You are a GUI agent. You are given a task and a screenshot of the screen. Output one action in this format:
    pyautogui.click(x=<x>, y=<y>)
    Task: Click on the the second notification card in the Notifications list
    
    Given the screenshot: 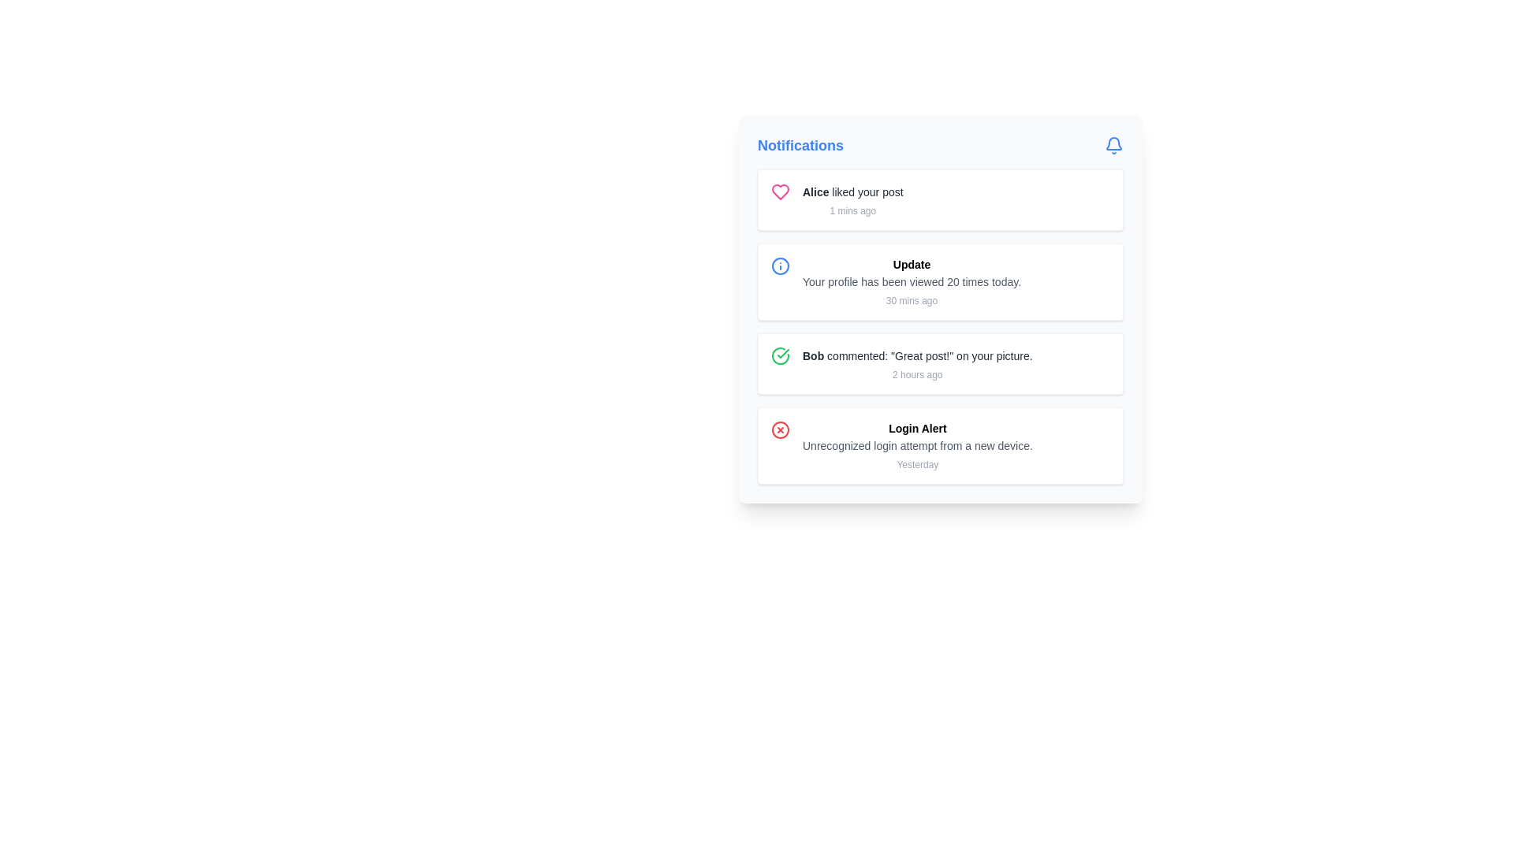 What is the action you would take?
    pyautogui.click(x=941, y=281)
    